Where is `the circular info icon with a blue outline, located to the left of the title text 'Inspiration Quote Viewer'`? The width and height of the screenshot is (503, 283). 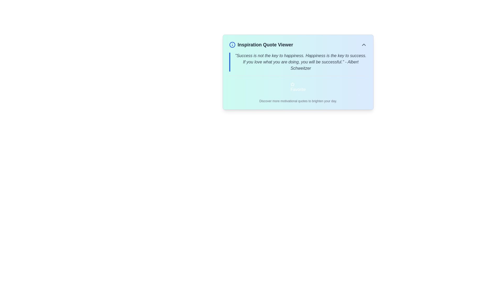
the circular info icon with a blue outline, located to the left of the title text 'Inspiration Quote Viewer' is located at coordinates (232, 44).